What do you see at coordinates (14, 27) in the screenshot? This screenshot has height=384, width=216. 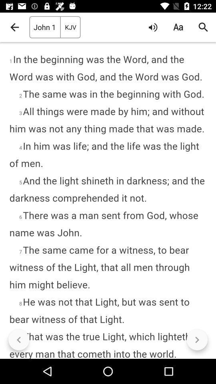 I see `icon to the left of john 1 item` at bounding box center [14, 27].